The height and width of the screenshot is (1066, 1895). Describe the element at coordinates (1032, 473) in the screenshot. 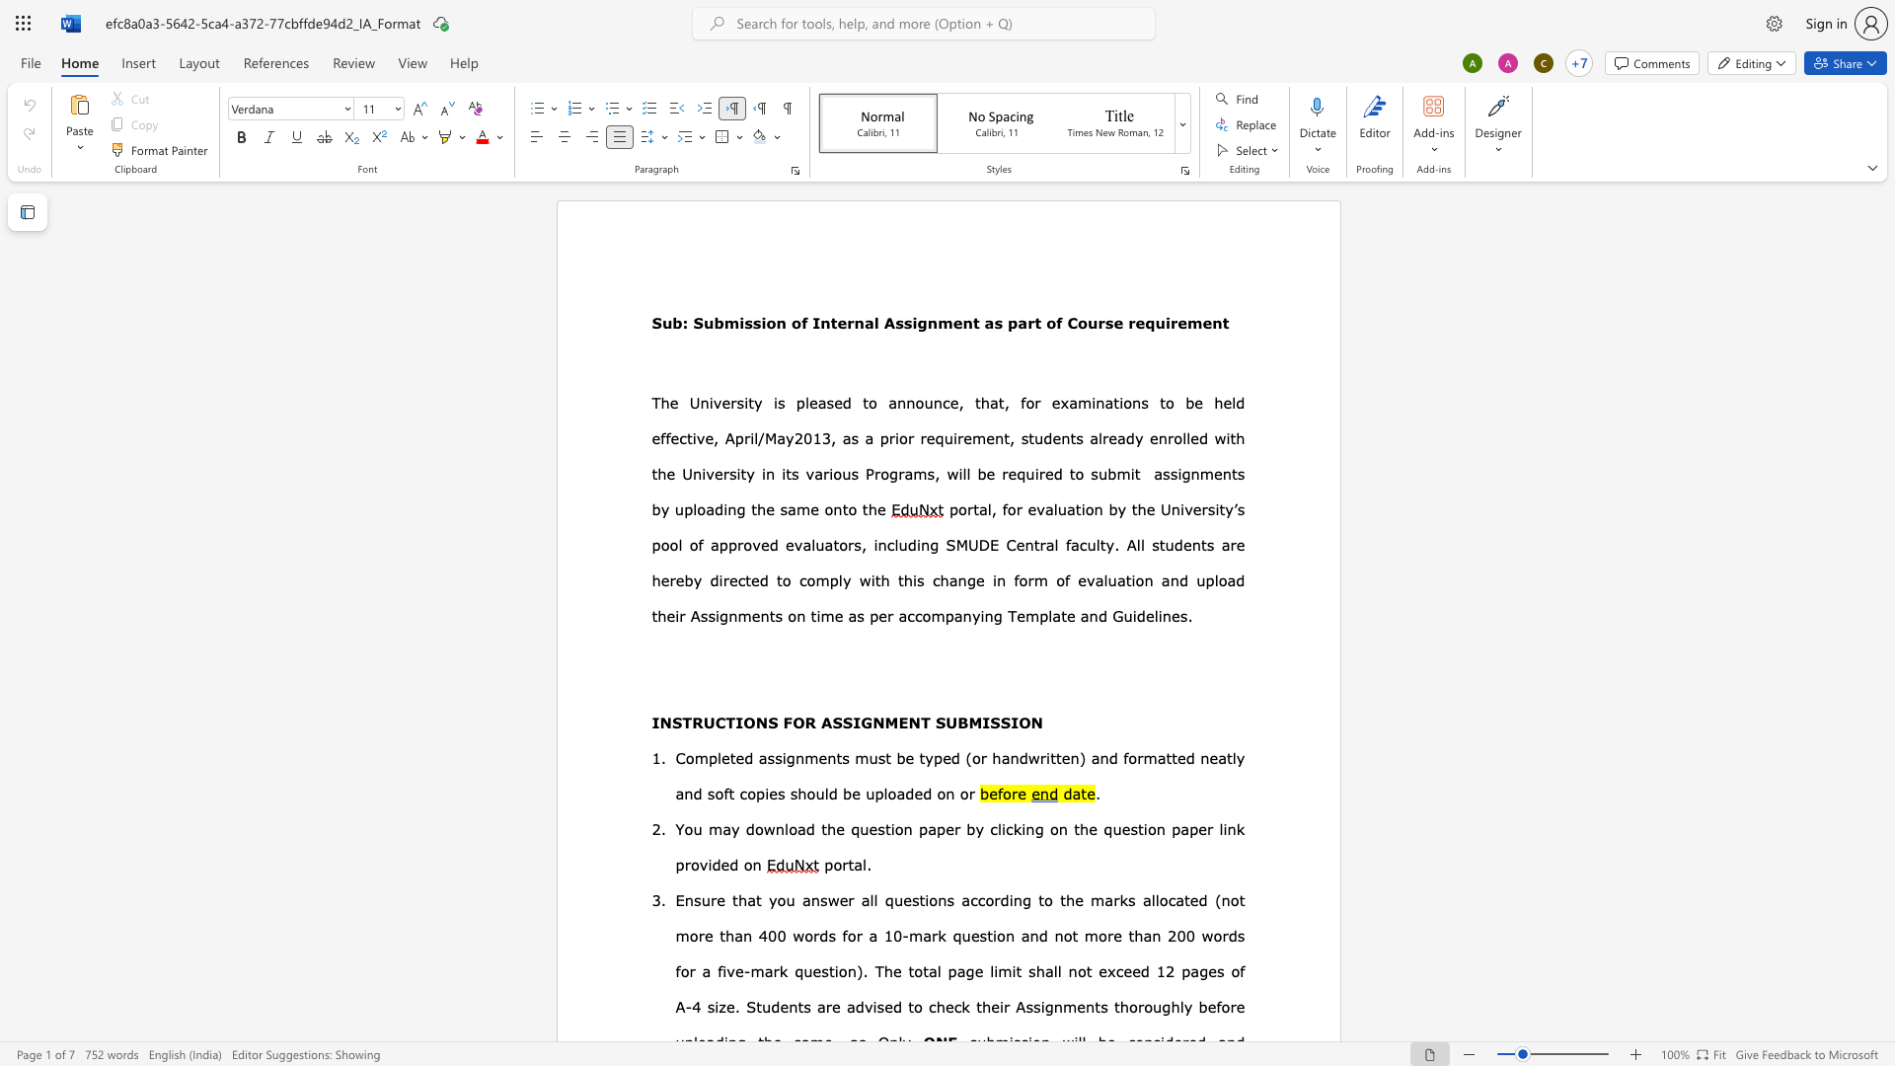

I see `the space between the continuous character "u" and "i" in the text` at that location.